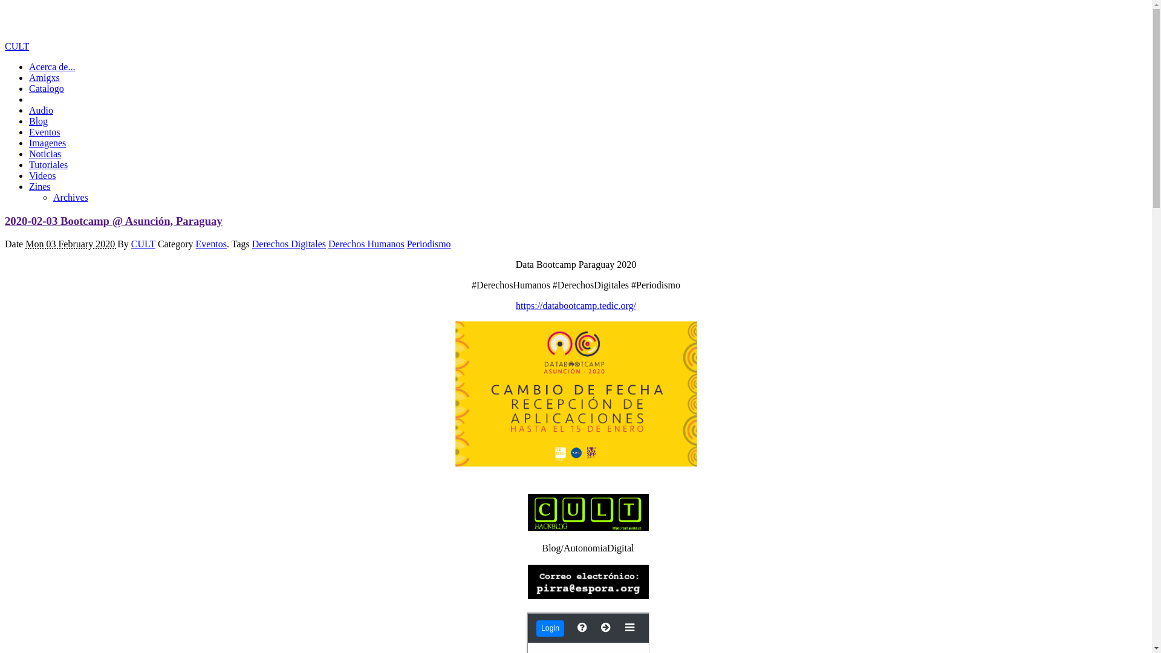 This screenshot has width=1161, height=653. What do you see at coordinates (17, 45) in the screenshot?
I see `'CULT'` at bounding box center [17, 45].